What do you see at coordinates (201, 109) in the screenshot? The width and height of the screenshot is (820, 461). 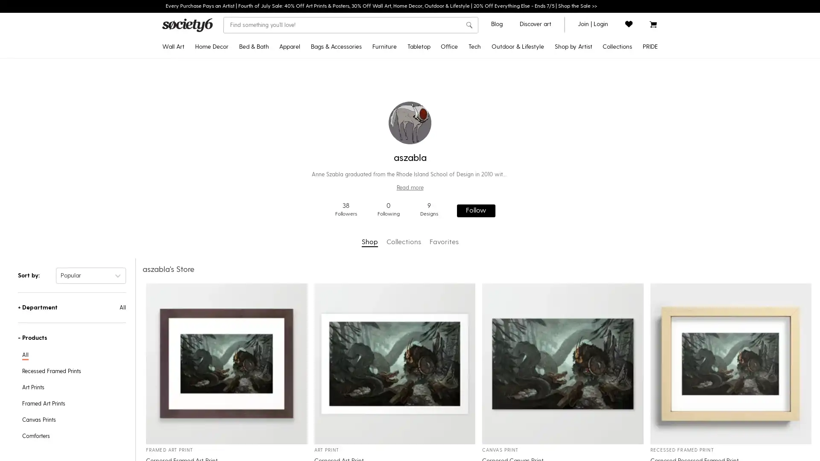 I see `Canvas Prints` at bounding box center [201, 109].